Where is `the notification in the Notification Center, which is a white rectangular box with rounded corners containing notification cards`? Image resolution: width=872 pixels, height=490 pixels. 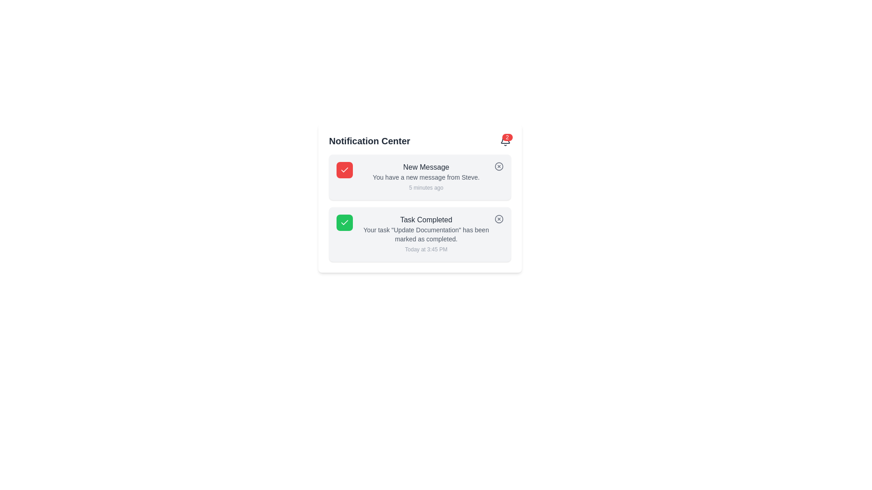
the notification in the Notification Center, which is a white rectangular box with rounded corners containing notification cards is located at coordinates (419, 197).